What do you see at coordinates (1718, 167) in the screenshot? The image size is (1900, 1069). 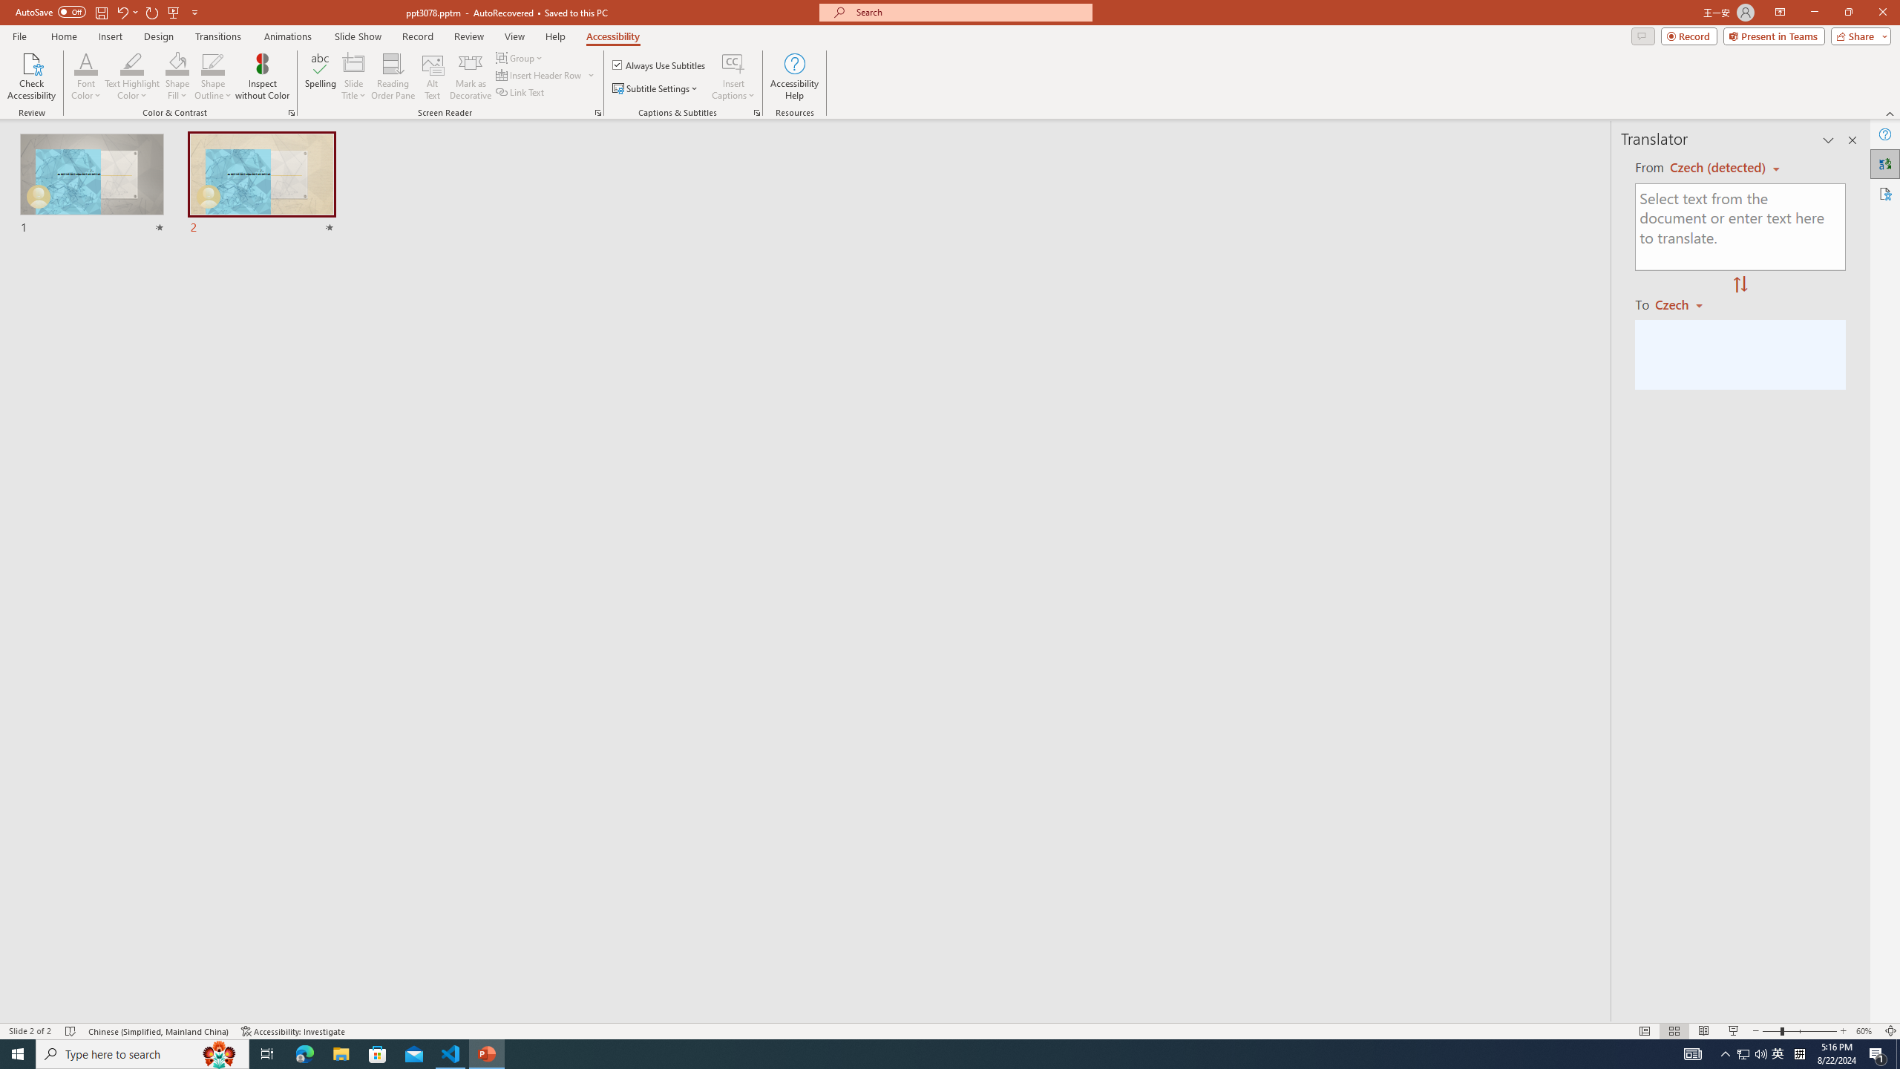 I see `'Czech (detected)'` at bounding box center [1718, 167].